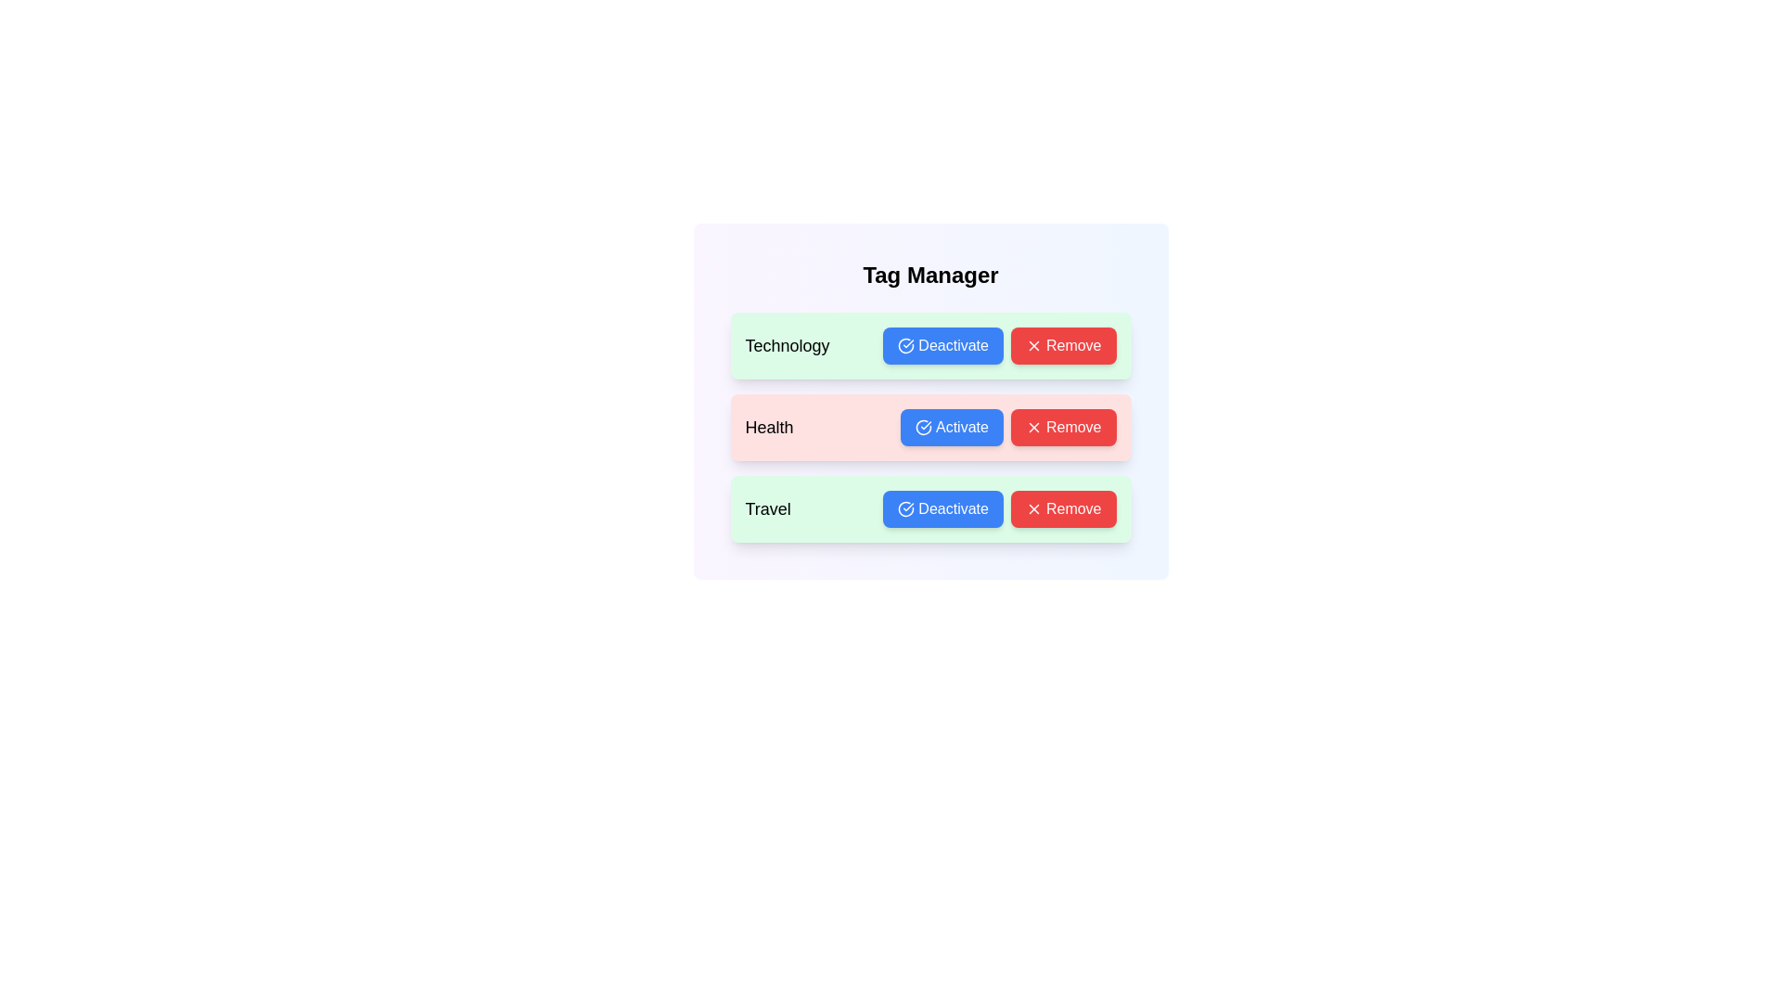  What do you see at coordinates (1063, 428) in the screenshot?
I see `'Remove' button for the tag with name Health` at bounding box center [1063, 428].